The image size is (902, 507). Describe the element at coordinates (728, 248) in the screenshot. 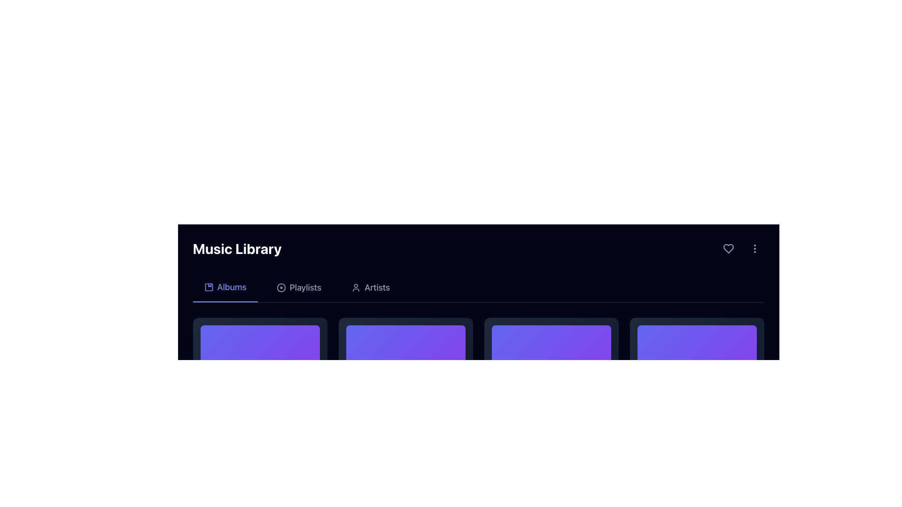

I see `the heart icon located at the top right corner of the interface, adjacent to the vertical ellipsis icon` at that location.